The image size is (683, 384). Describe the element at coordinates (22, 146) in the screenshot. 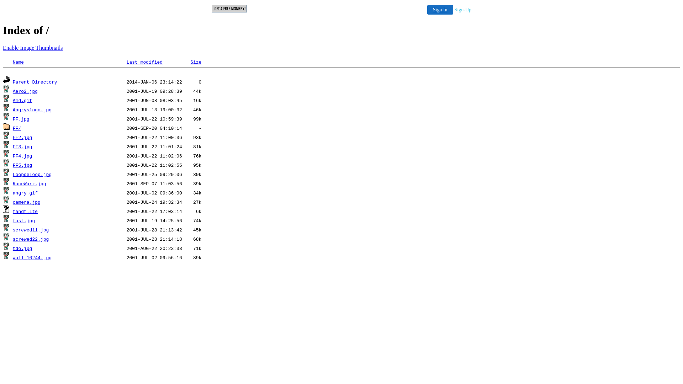

I see `'FF3.jpg'` at that location.